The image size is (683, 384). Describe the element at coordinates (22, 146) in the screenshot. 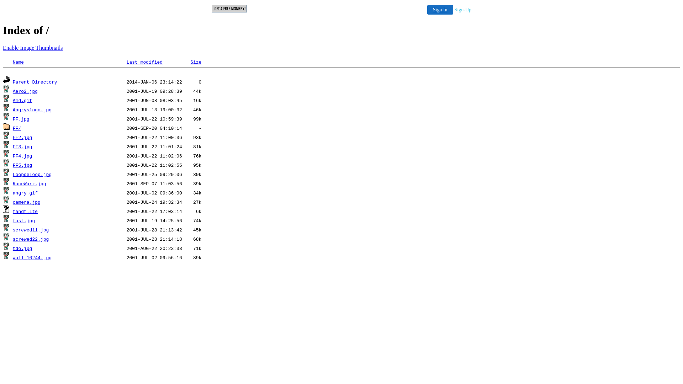

I see `'FF3.jpg'` at that location.